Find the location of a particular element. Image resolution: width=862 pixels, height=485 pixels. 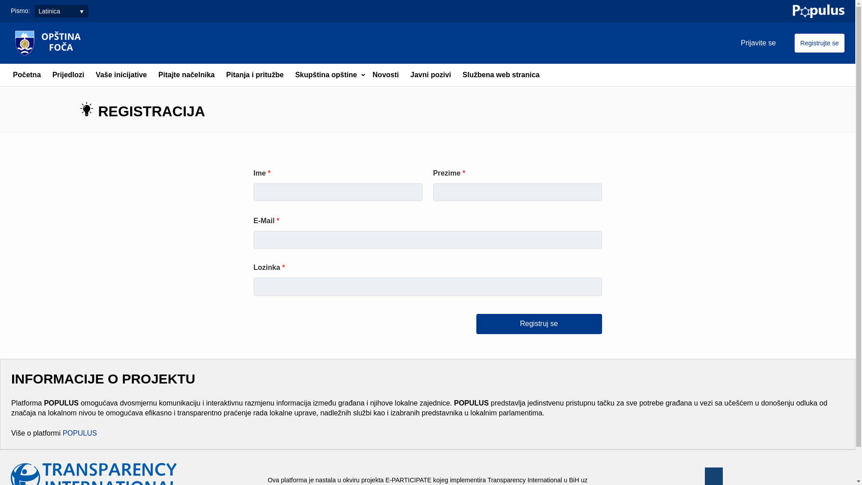

'Registrujte se' is located at coordinates (819, 43).